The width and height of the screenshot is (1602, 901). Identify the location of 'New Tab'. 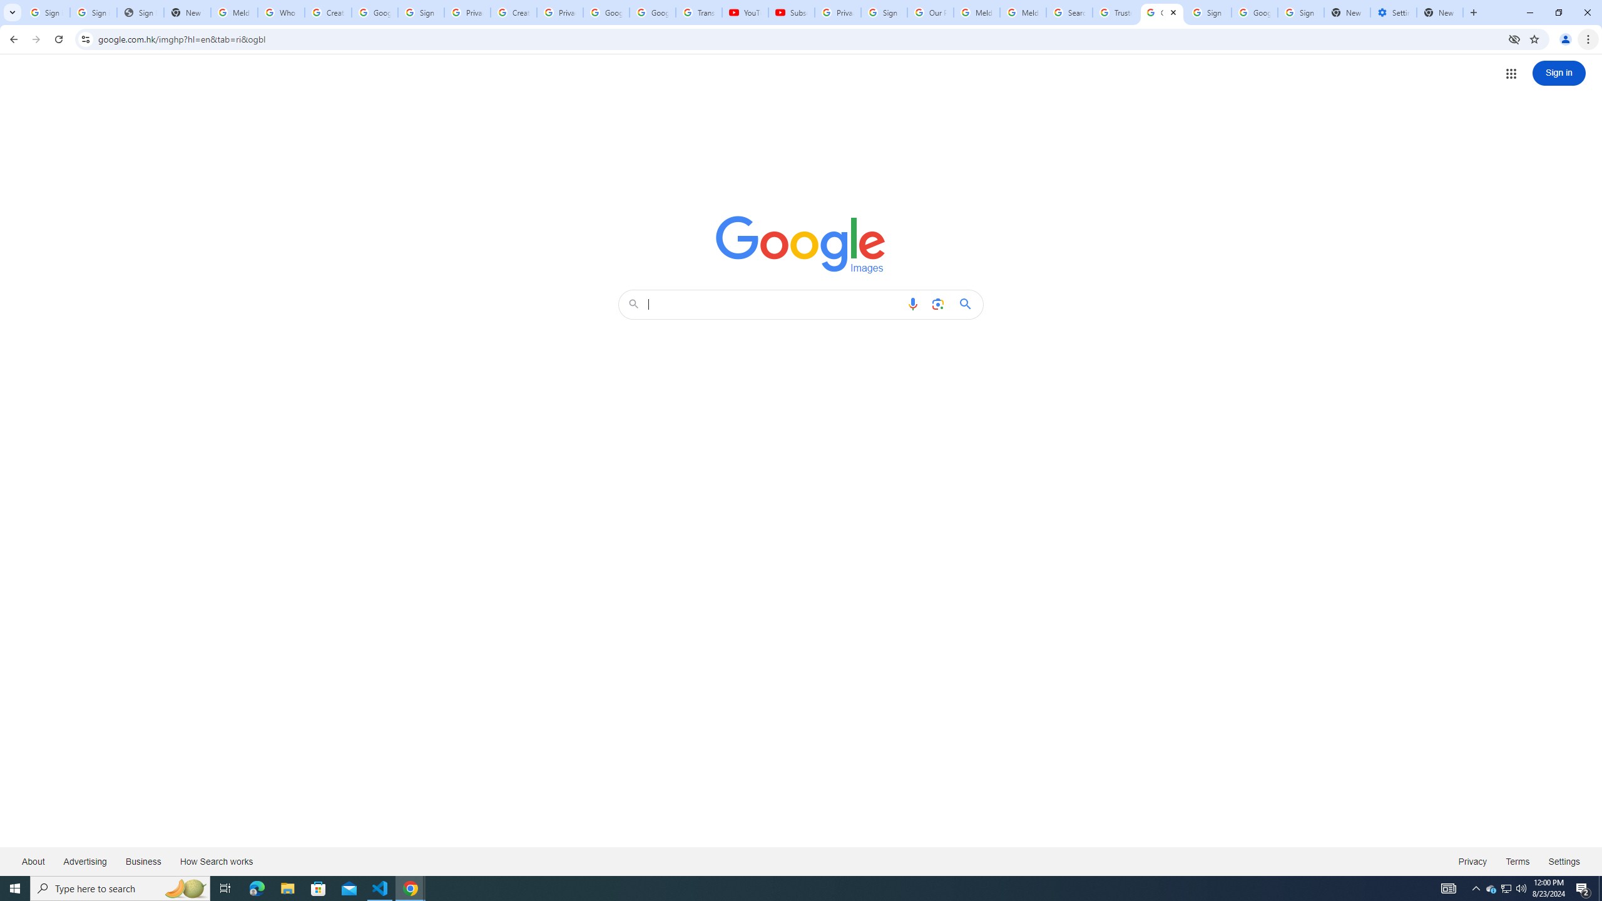
(1439, 12).